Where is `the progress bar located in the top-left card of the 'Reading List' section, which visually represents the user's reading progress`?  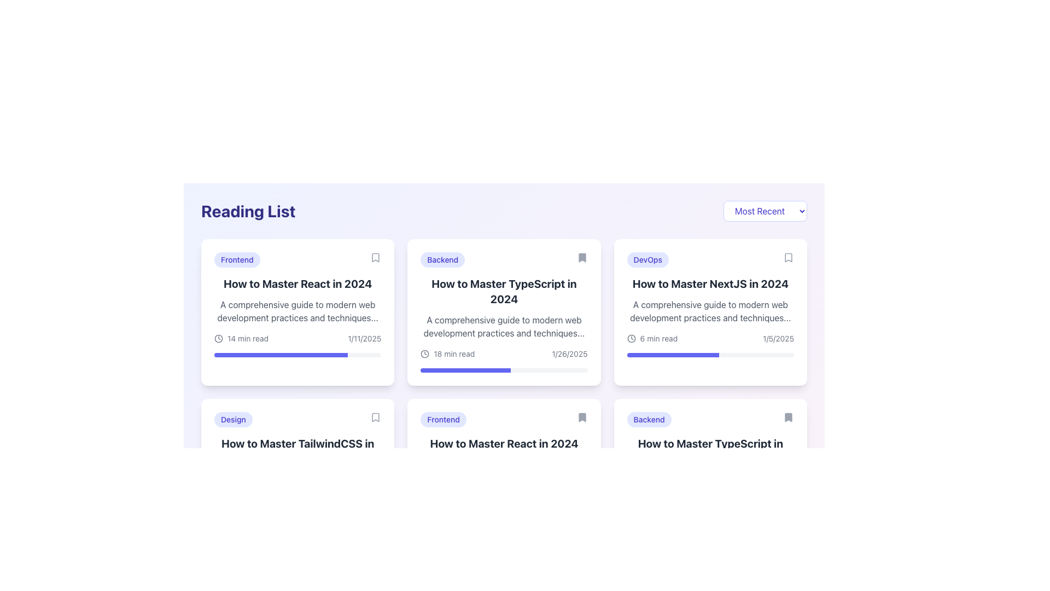
the progress bar located in the top-left card of the 'Reading List' section, which visually represents the user's reading progress is located at coordinates (281, 355).